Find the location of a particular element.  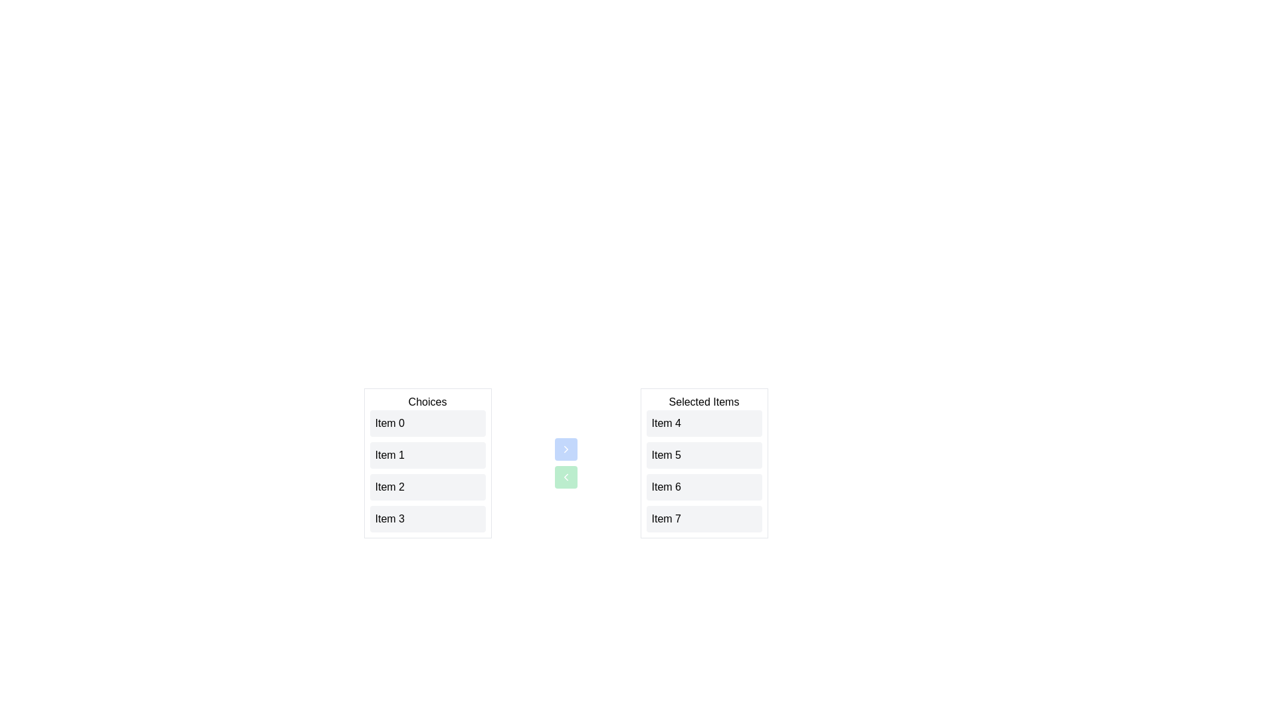

the list item in the 'Selected Items' section is located at coordinates (703, 470).